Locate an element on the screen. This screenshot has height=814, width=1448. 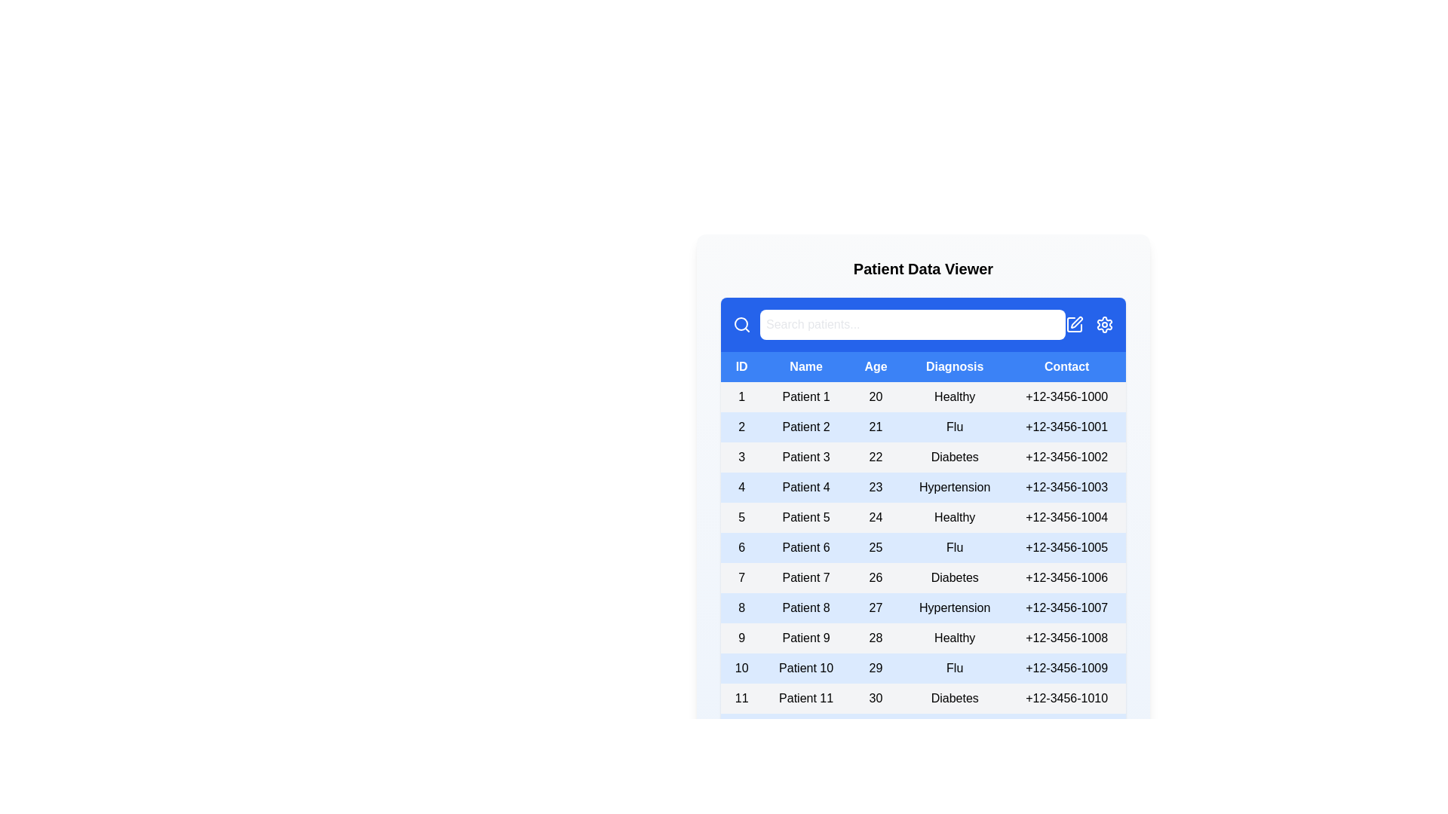
the column header Contact to sort the table by that column is located at coordinates (1066, 366).